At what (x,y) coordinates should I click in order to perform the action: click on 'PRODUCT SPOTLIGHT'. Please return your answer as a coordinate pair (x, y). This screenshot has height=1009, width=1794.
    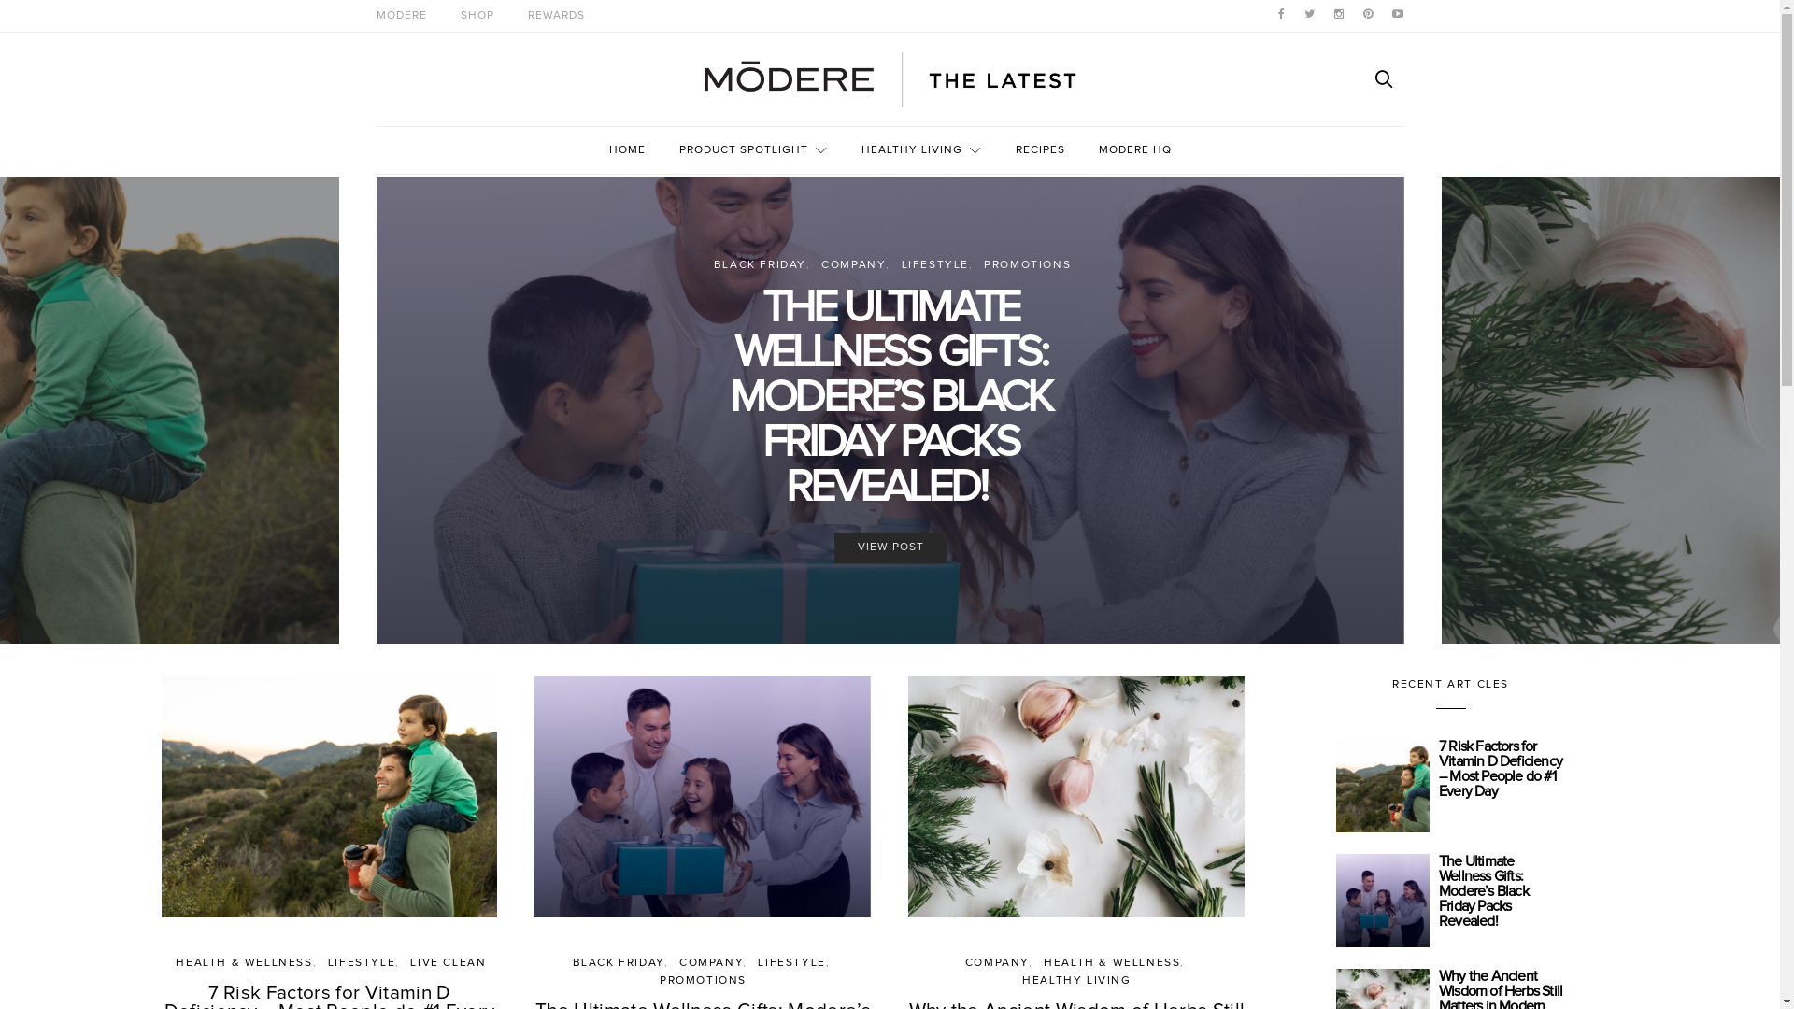
    Looking at the image, I should click on (752, 149).